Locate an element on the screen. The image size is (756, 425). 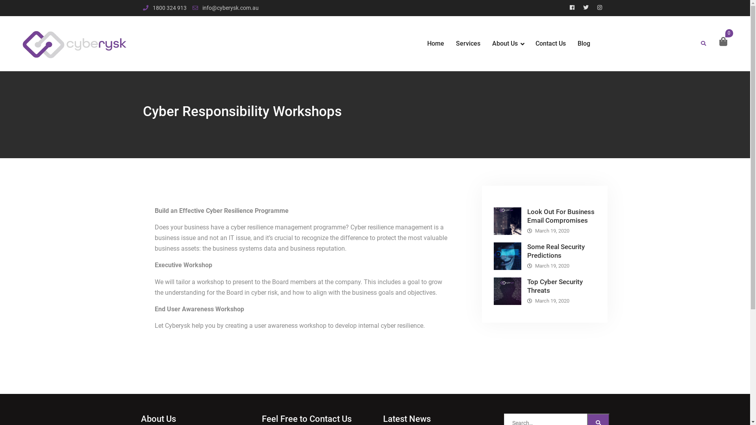
'Home' is located at coordinates (435, 44).